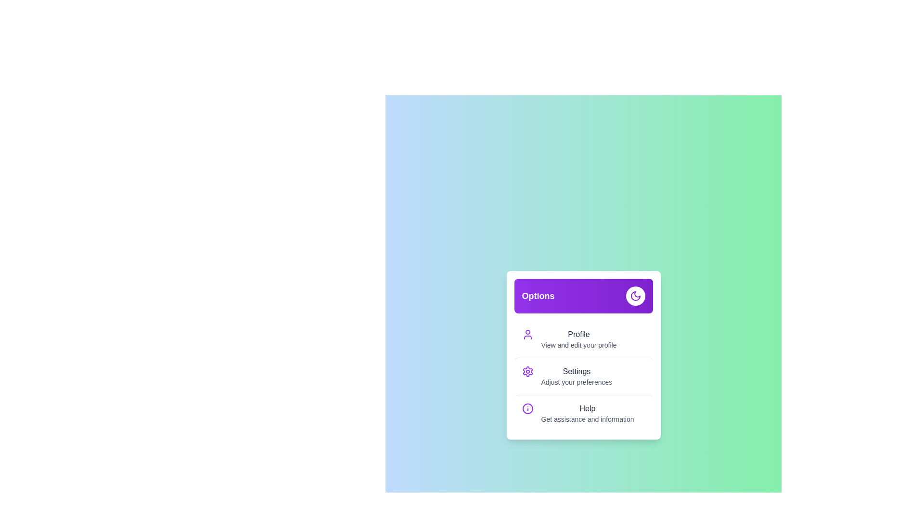 The height and width of the screenshot is (520, 924). What do you see at coordinates (583, 376) in the screenshot?
I see `the menu item Settings by clicking on it` at bounding box center [583, 376].